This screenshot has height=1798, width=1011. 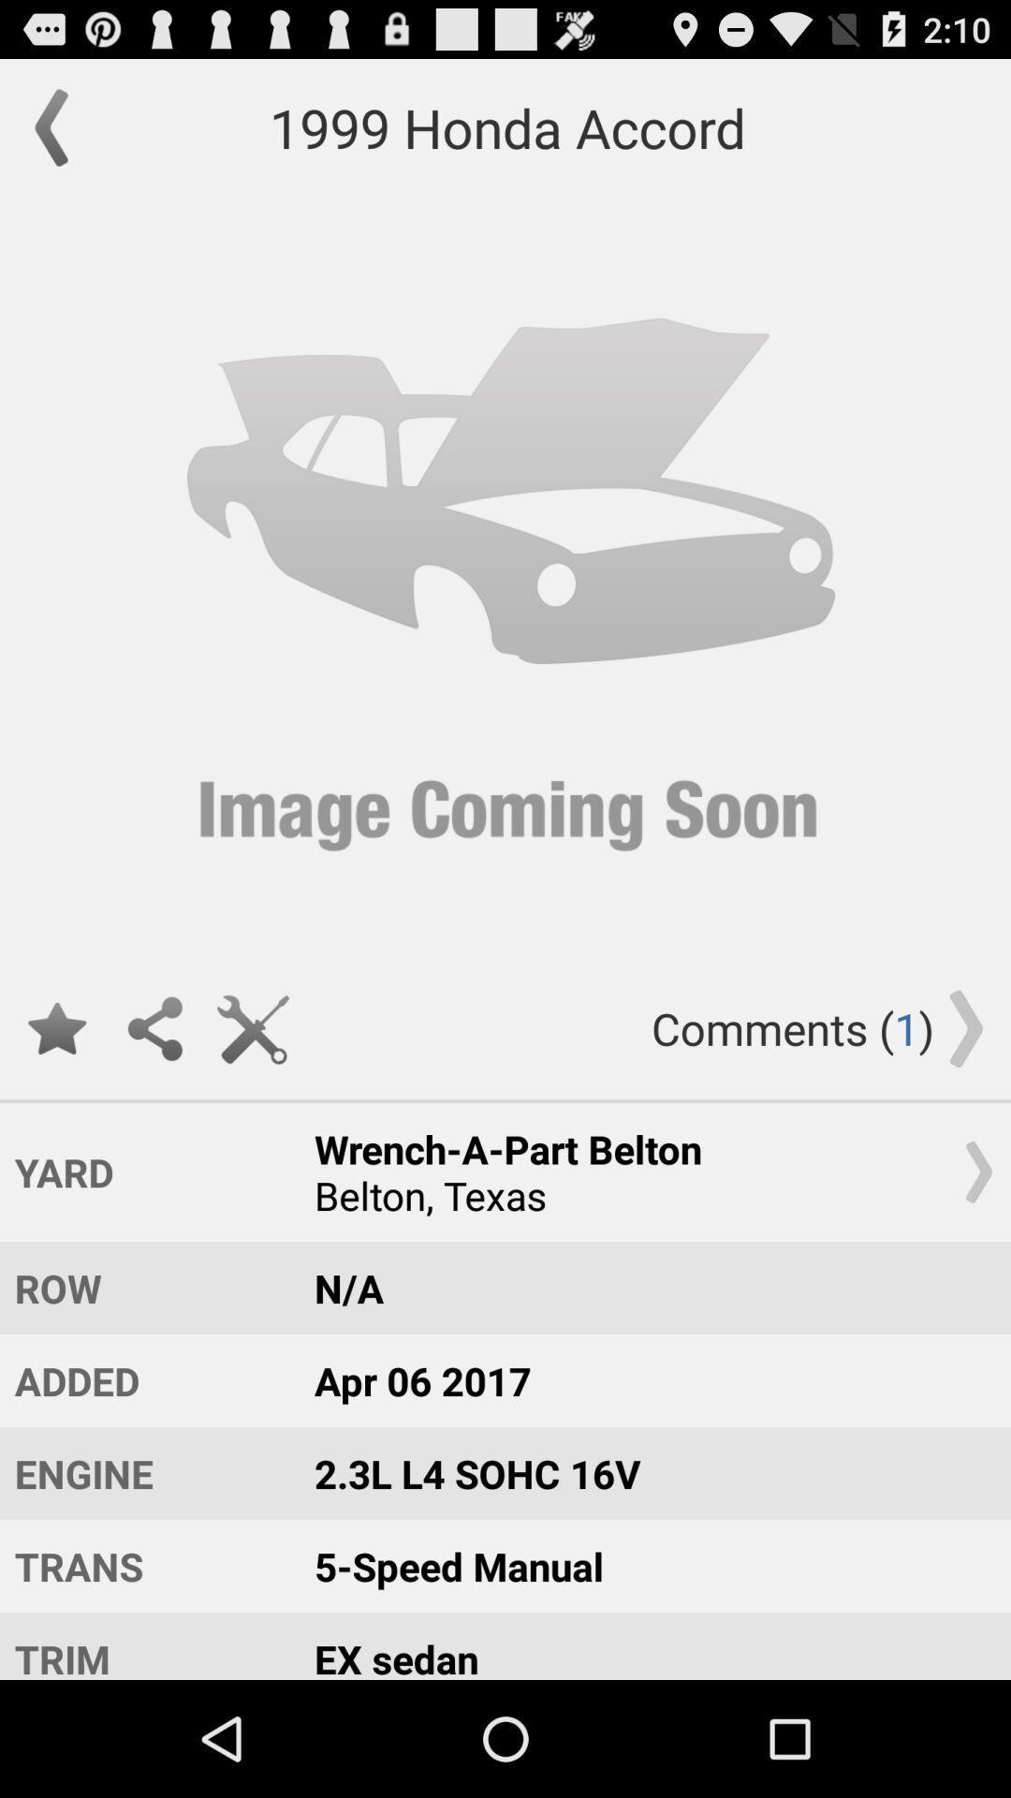 What do you see at coordinates (60, 126) in the screenshot?
I see `previous` at bounding box center [60, 126].